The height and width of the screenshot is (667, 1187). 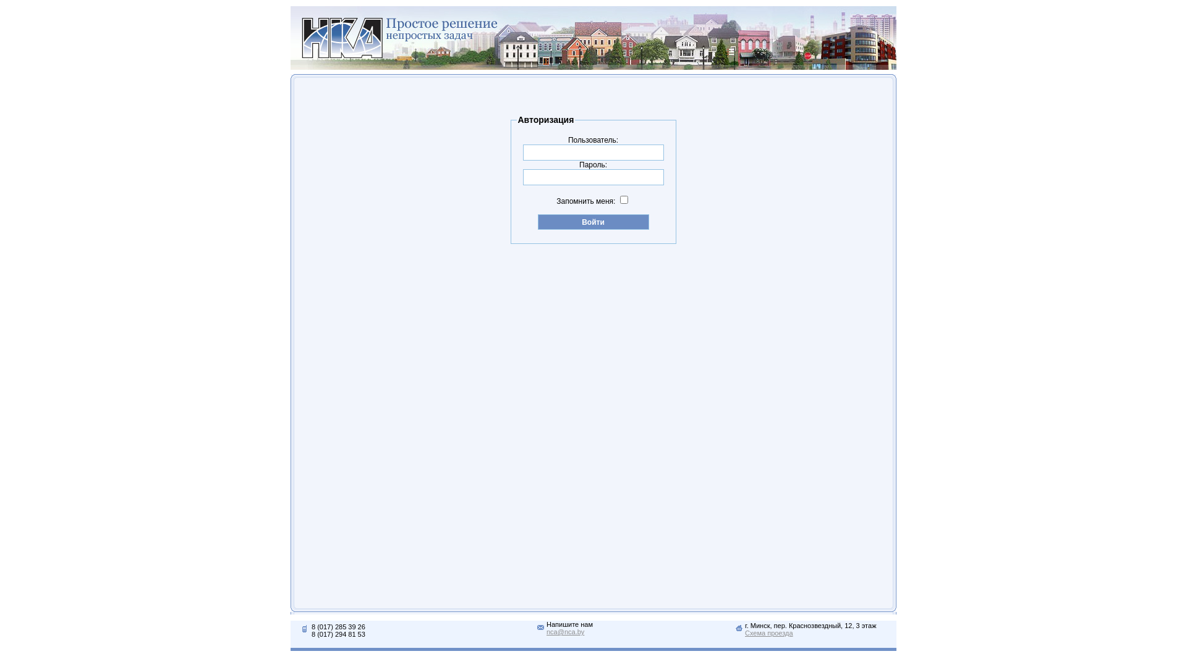 I want to click on 'nca@nca.by', so click(x=564, y=631).